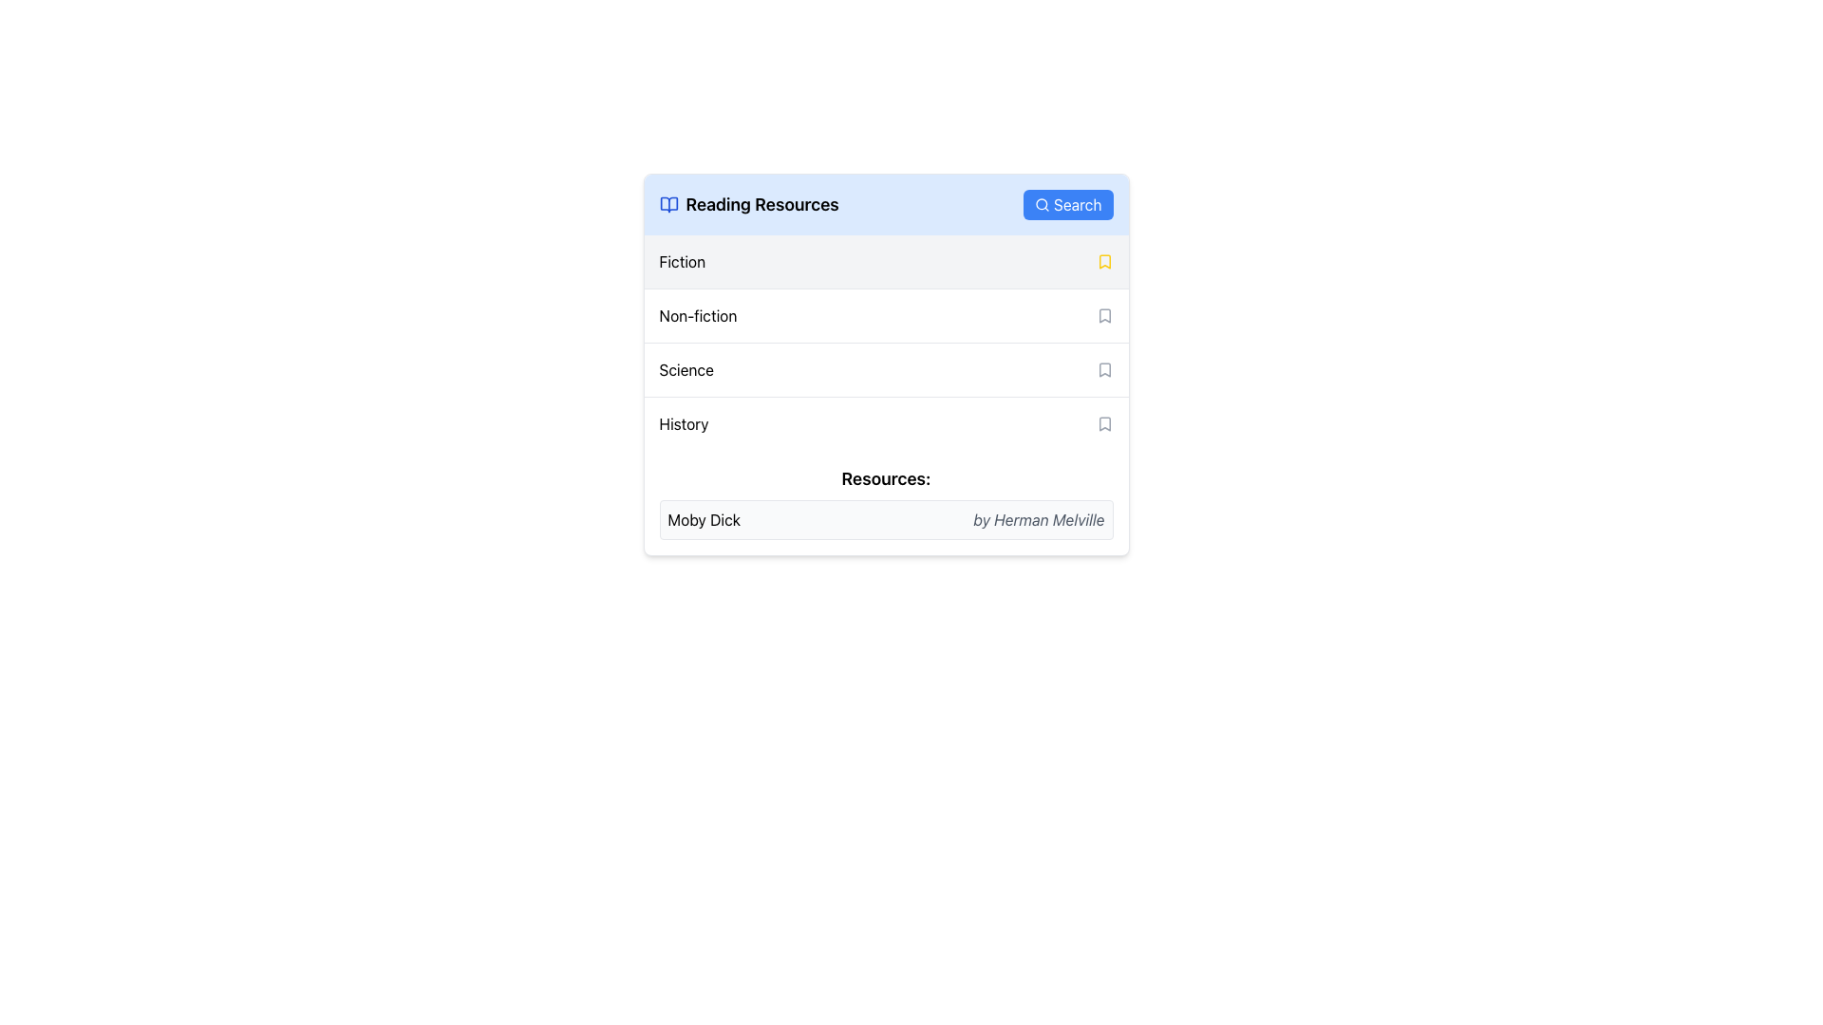  Describe the element at coordinates (885, 422) in the screenshot. I see `to select the 'History' category from the list of Reading Resources, which is the fourth entry following 'Fiction', 'Non-fiction', and 'Science'` at that location.